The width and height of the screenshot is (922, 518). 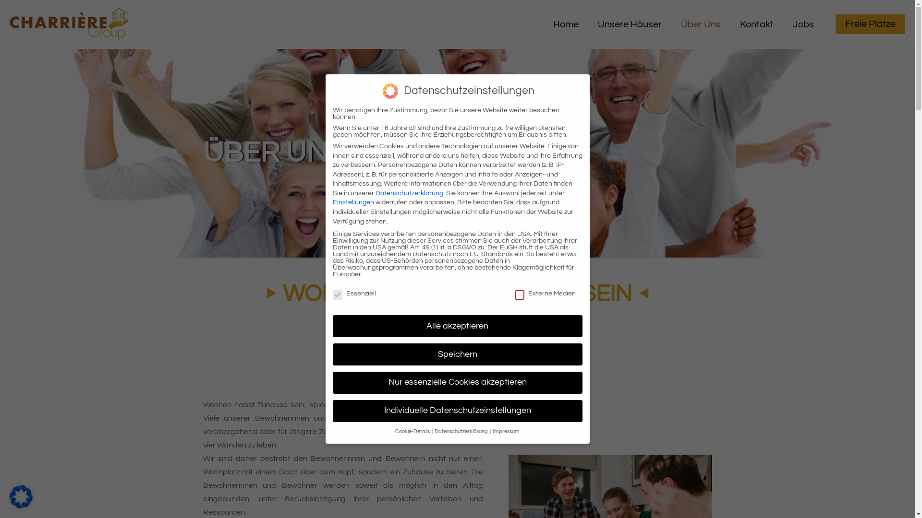 I want to click on 'Alle akzeptieren', so click(x=456, y=325).